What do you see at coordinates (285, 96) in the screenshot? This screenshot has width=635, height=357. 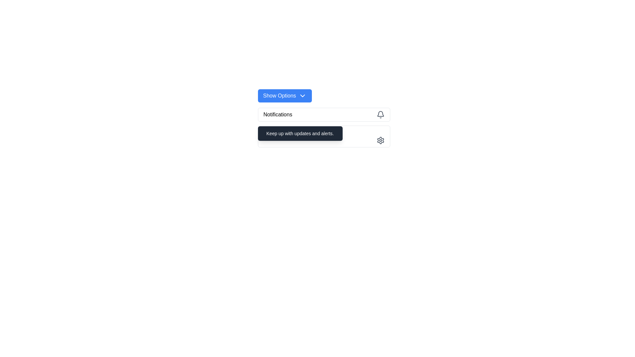 I see `the dropdown trigger button located at the top-left corner of the notifications settings section` at bounding box center [285, 96].